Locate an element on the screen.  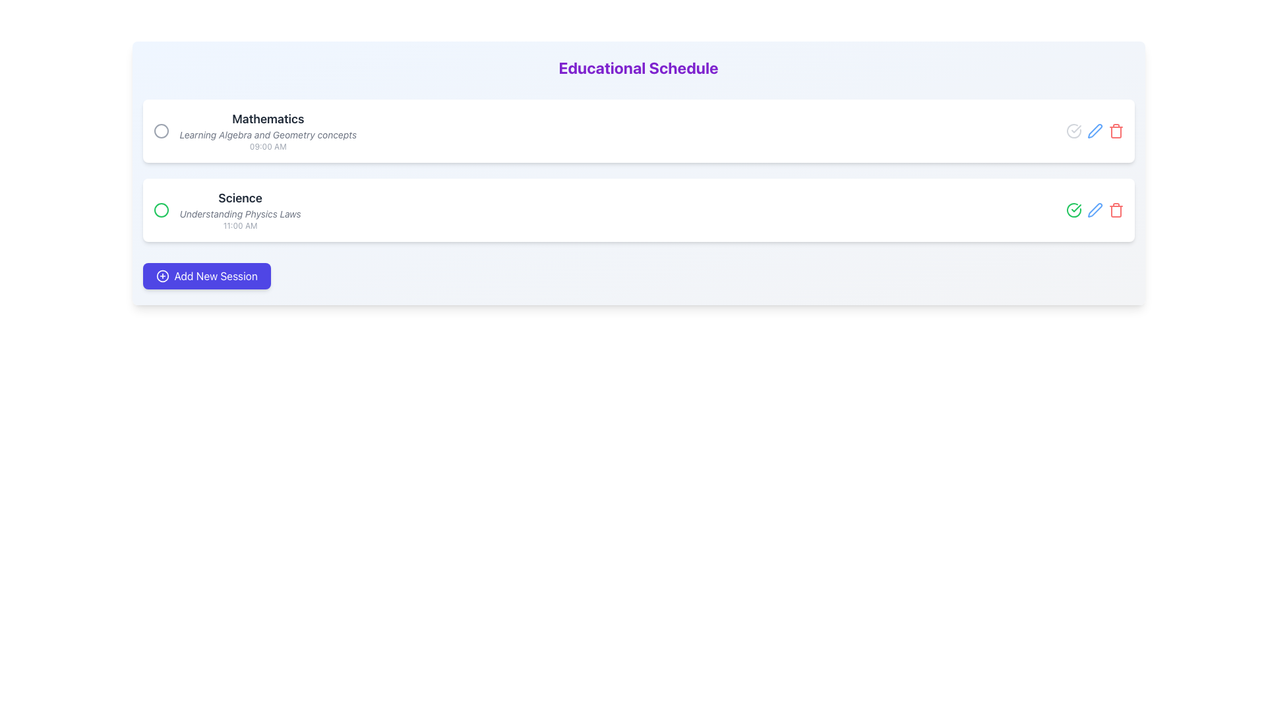
the pencil icon representing edit functionality for the 'Science' session is located at coordinates (1095, 210).